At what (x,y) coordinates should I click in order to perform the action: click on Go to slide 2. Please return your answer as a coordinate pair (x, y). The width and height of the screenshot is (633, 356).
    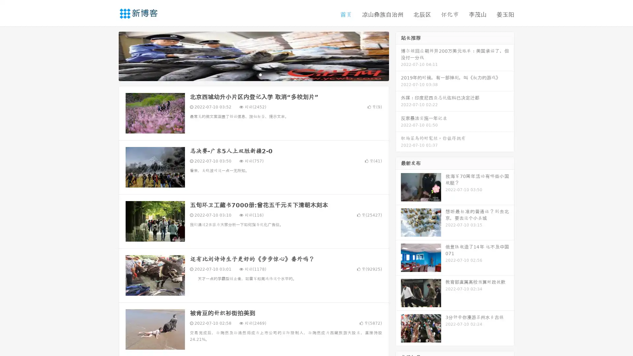
    Looking at the image, I should click on (253, 74).